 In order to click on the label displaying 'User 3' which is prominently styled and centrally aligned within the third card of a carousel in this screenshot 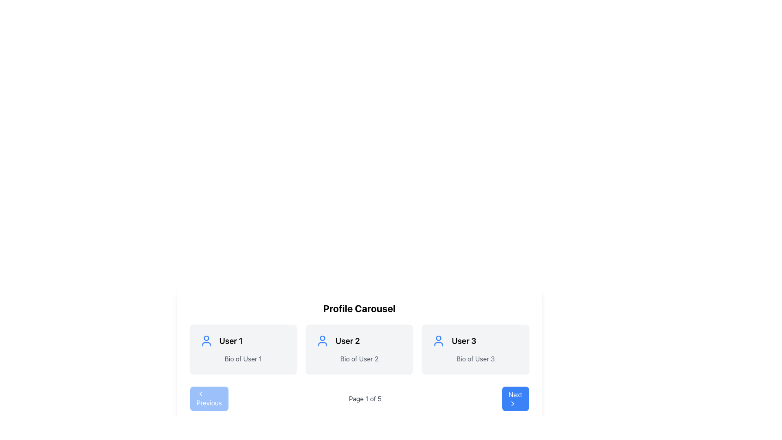, I will do `click(475, 341)`.